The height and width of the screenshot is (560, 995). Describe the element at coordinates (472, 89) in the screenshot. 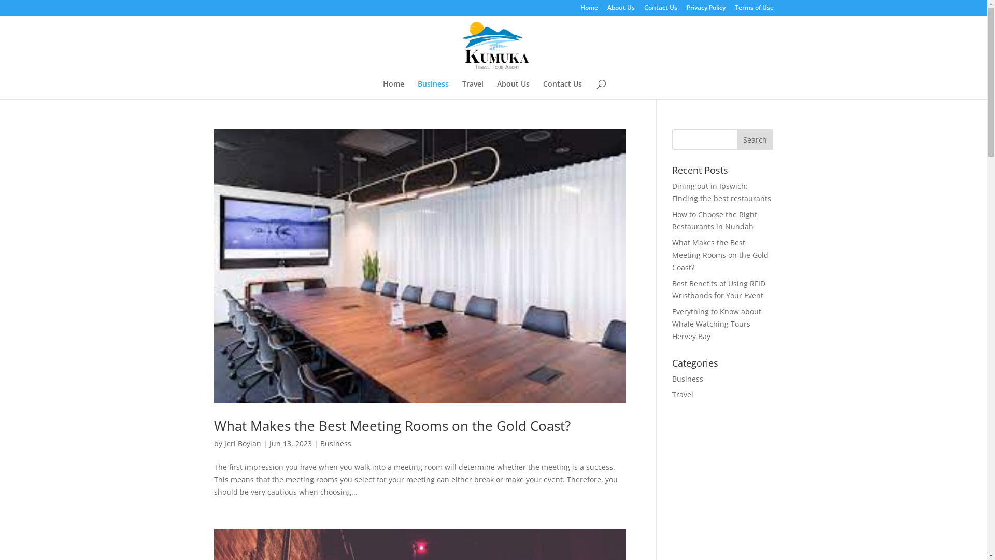

I see `'Travel'` at that location.